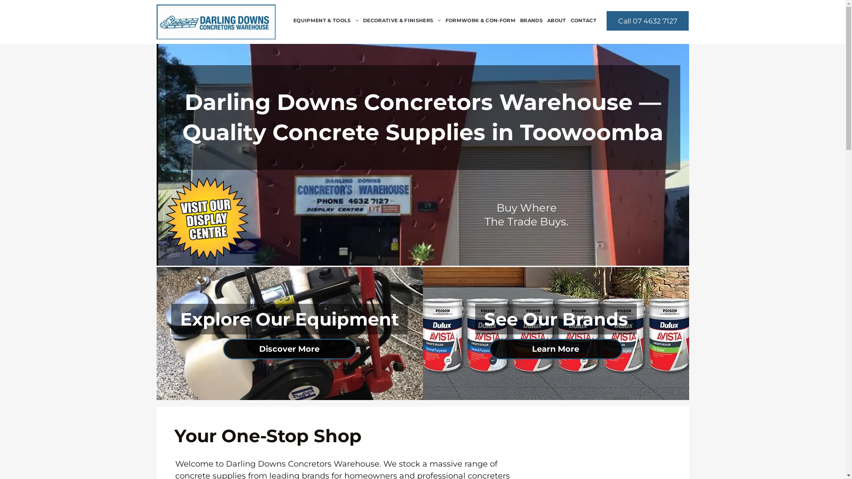 The width and height of the screenshot is (852, 479). Describe the element at coordinates (402, 20) in the screenshot. I see `'DECORATIVE & FINISHERS'` at that location.